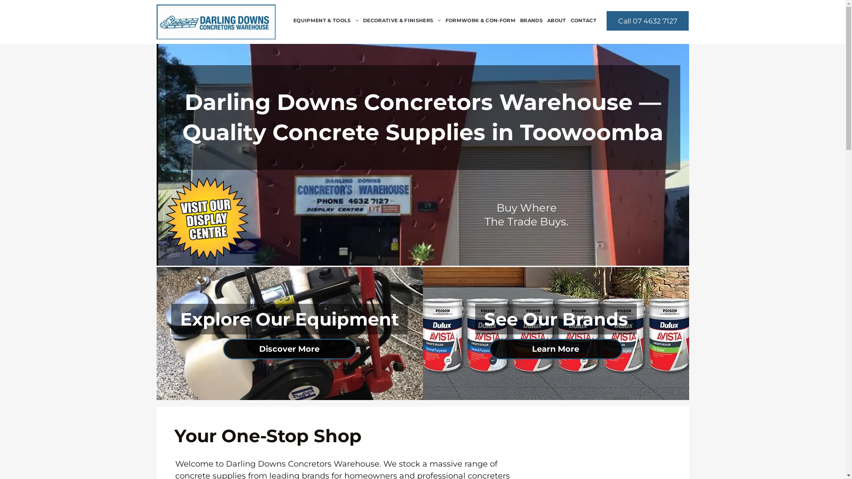 The width and height of the screenshot is (852, 479). Describe the element at coordinates (402, 20) in the screenshot. I see `'DECORATIVE & FINISHERS'` at that location.